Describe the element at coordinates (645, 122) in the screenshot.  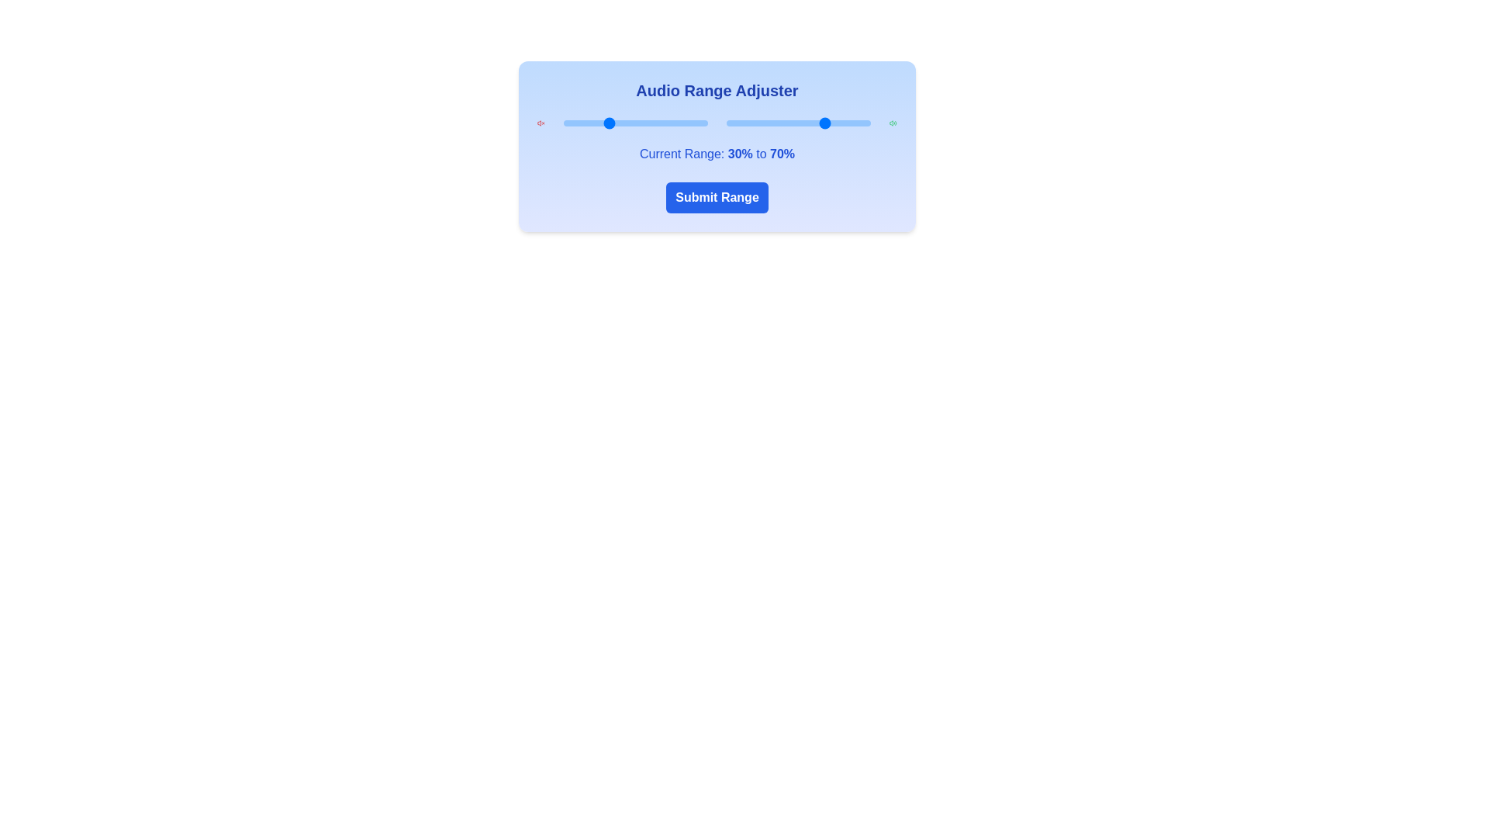
I see `the slider` at that location.